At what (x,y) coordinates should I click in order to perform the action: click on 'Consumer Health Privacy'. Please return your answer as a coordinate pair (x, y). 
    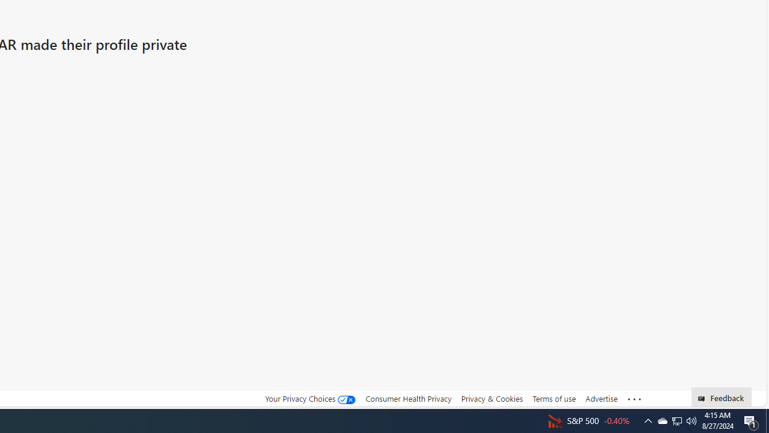
    Looking at the image, I should click on (409, 399).